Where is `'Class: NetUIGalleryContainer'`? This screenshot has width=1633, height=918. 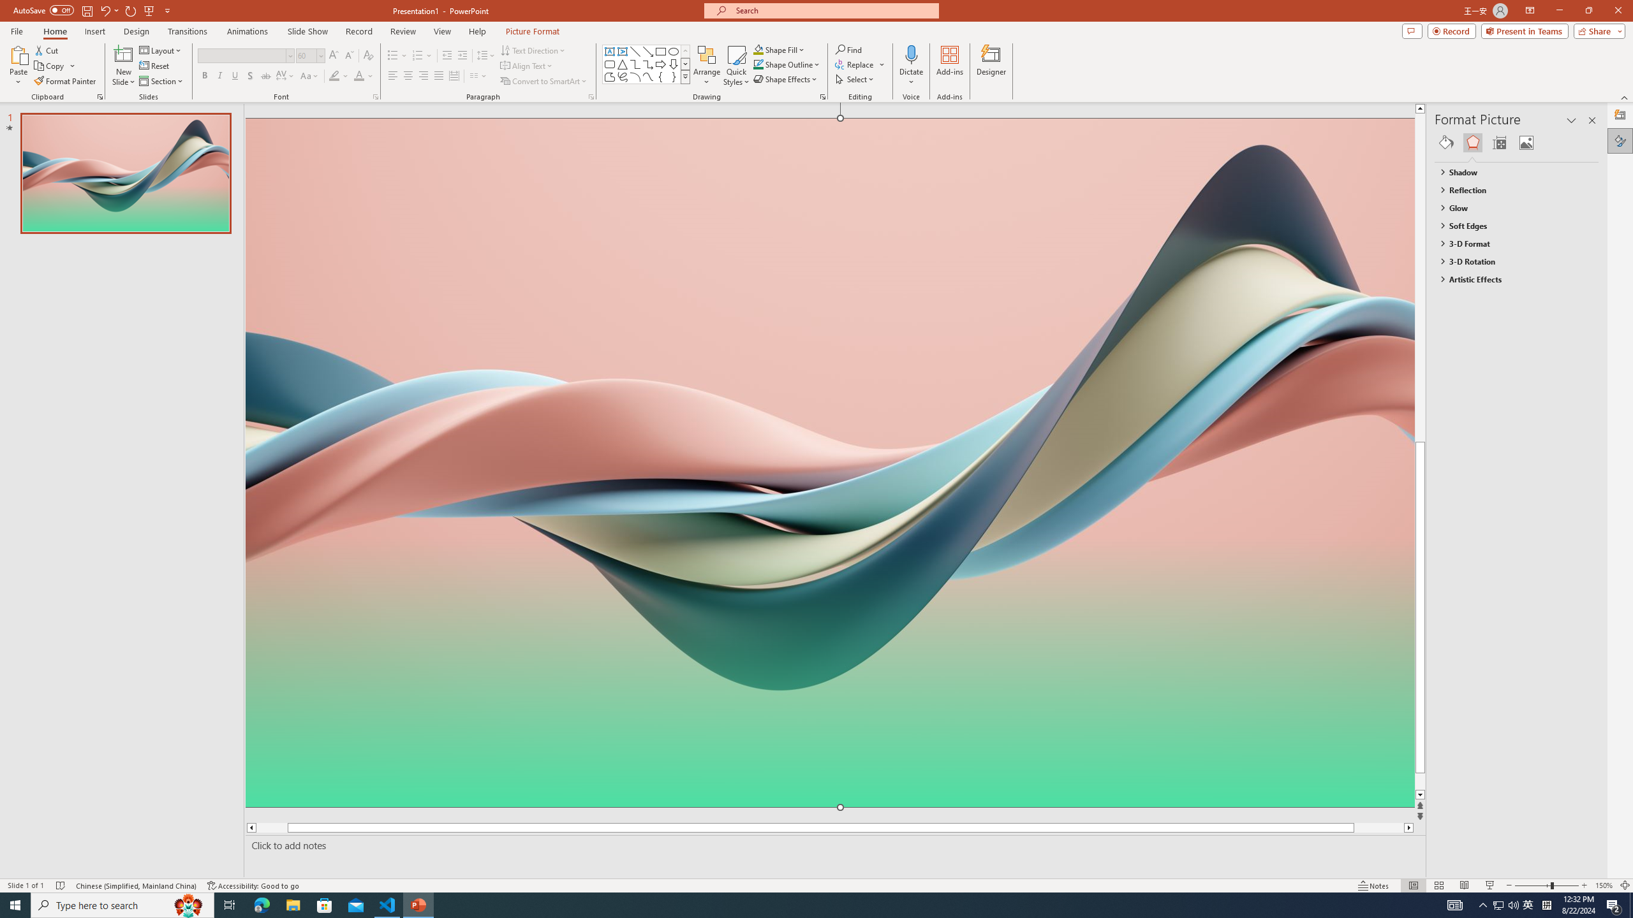
'Class: NetUIGalleryContainer' is located at coordinates (1516, 142).